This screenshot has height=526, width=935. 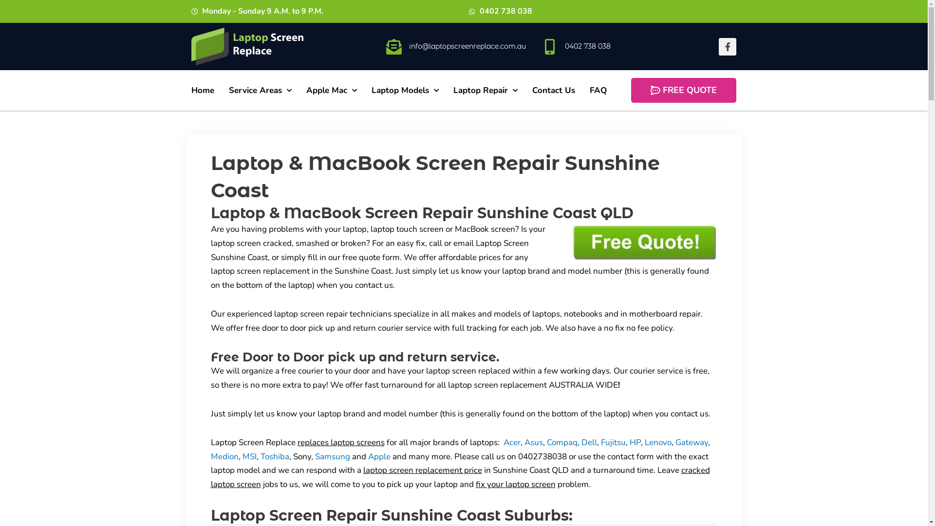 What do you see at coordinates (597, 90) in the screenshot?
I see `'FAQ'` at bounding box center [597, 90].